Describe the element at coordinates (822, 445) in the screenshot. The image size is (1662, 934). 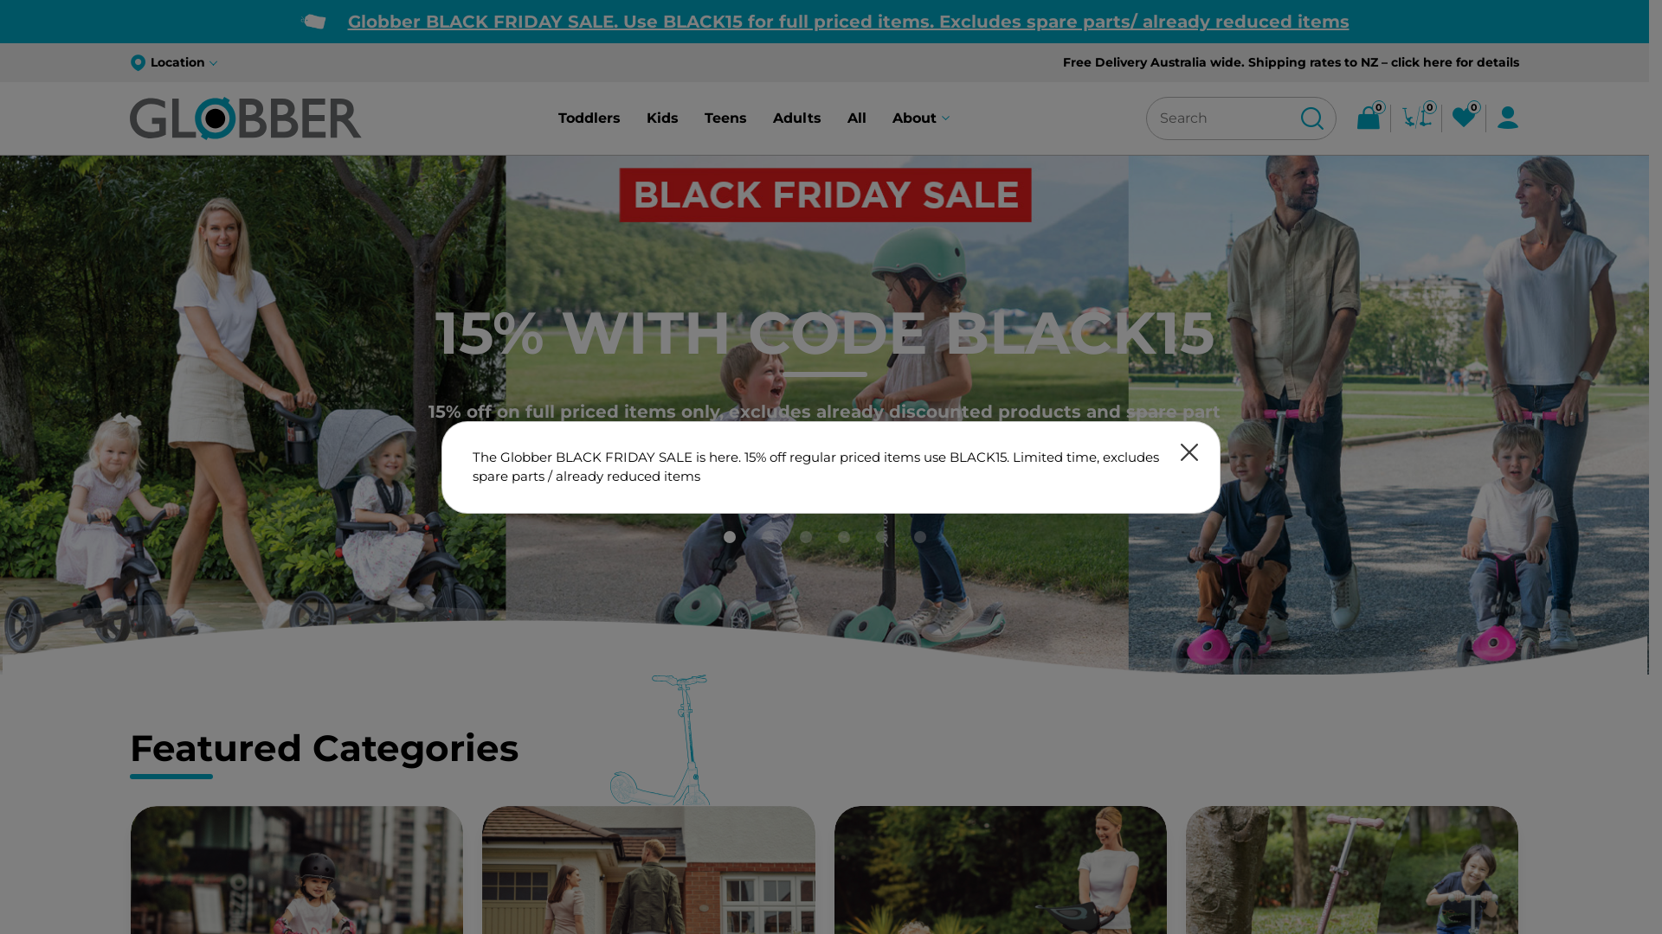
I see `'See the whole range'` at that location.